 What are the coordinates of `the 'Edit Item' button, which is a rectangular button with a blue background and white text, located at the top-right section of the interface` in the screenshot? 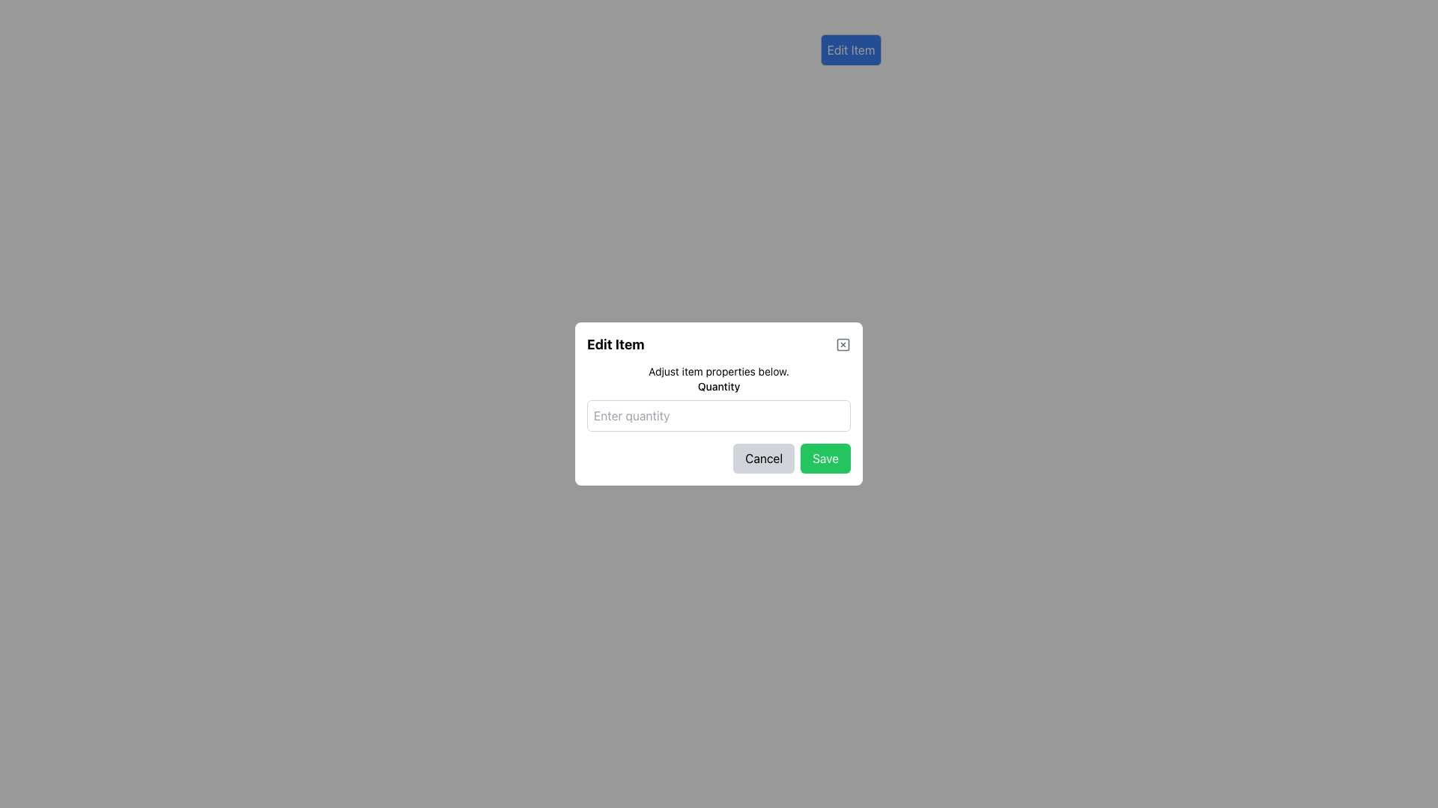 It's located at (851, 49).